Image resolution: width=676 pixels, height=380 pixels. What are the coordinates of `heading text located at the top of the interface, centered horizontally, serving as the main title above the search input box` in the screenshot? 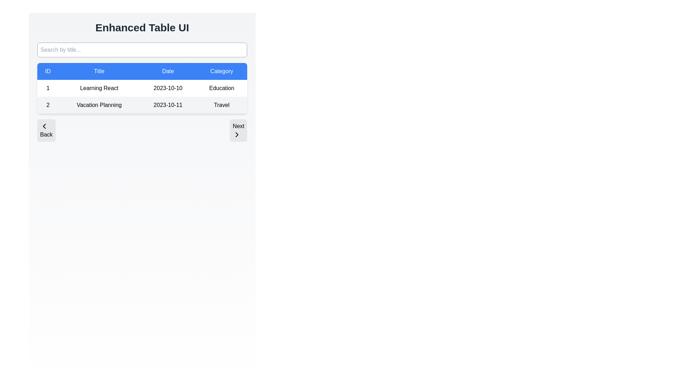 It's located at (142, 27).